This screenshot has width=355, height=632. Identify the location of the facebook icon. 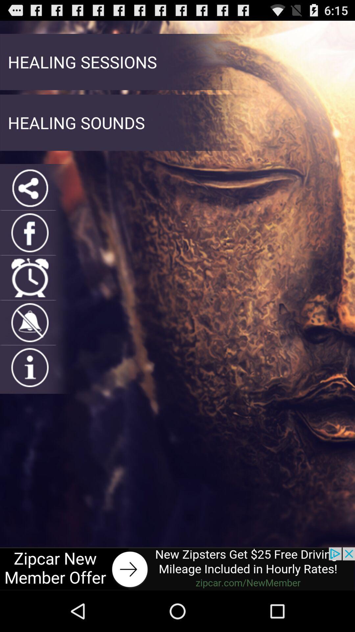
(30, 249).